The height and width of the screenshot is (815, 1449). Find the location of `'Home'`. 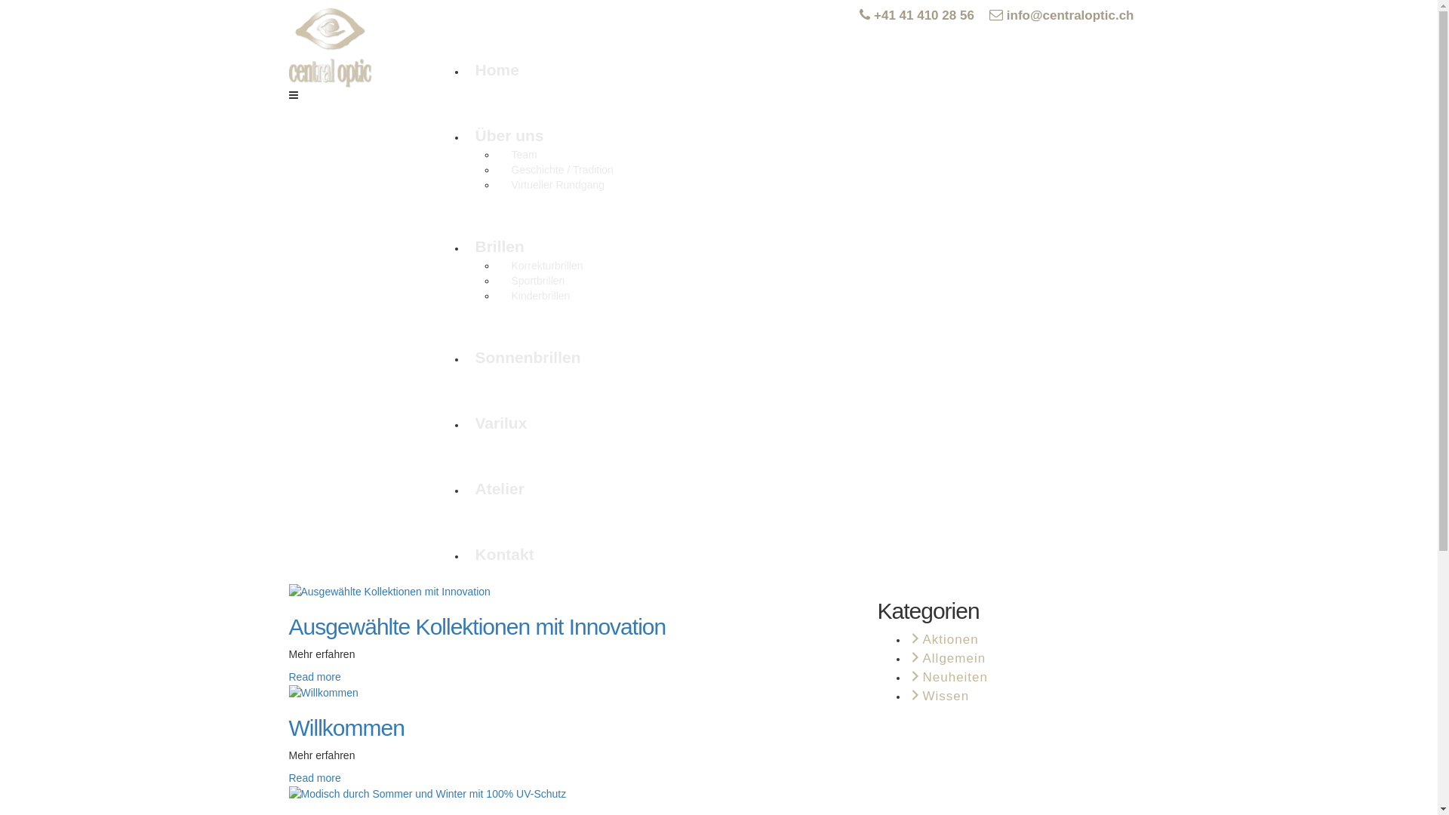

'Home' is located at coordinates (497, 69).